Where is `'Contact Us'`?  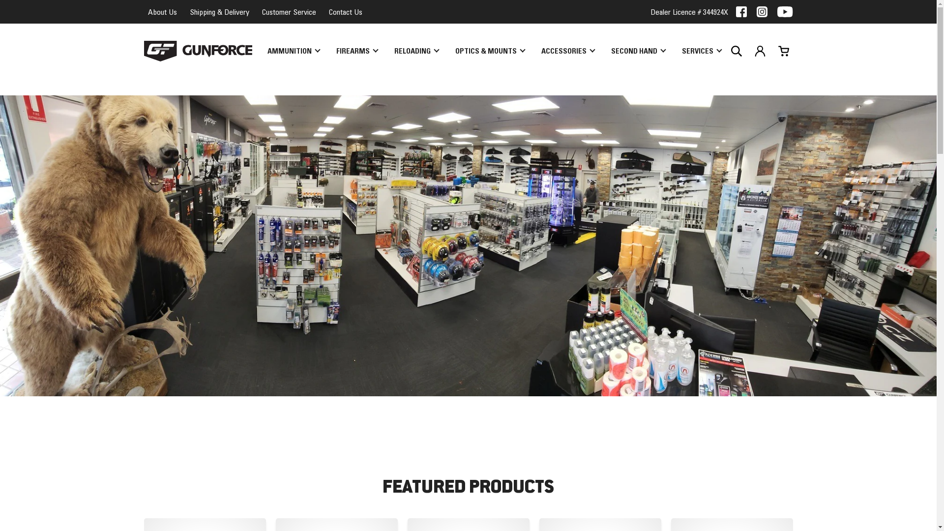
'Contact Us' is located at coordinates (345, 11).